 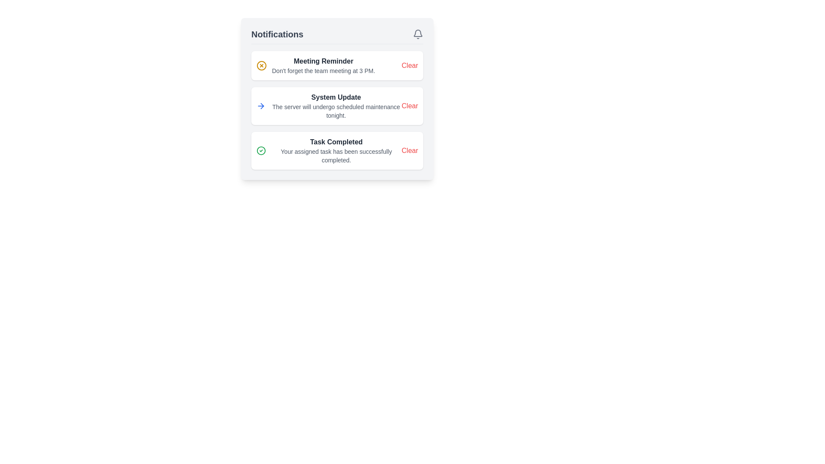 I want to click on the 'Clear' button styled in red font located in the notification card for 'Meeting Reminder' to clear the notification, so click(x=409, y=65).